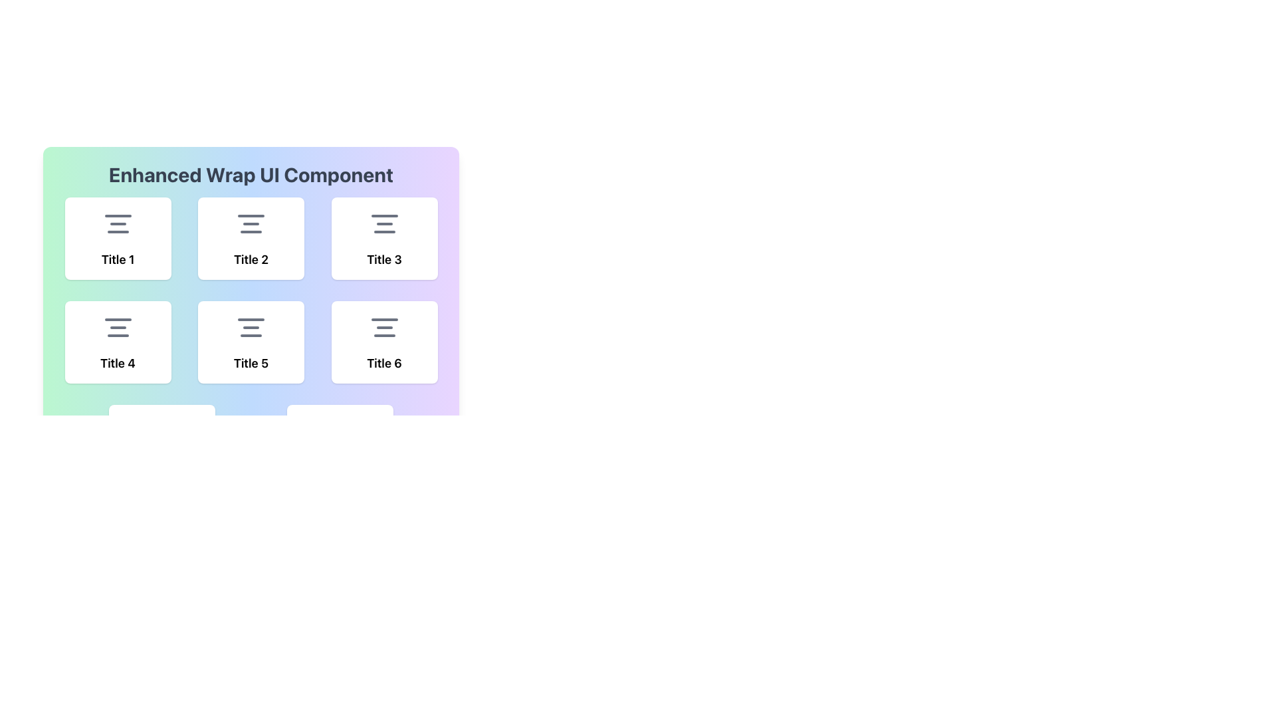 The image size is (1276, 718). What do you see at coordinates (383, 364) in the screenshot?
I see `text label 'Title 6', which is a bold, centered title located at the bottom-center of the last card in a 3x2 grid layout` at bounding box center [383, 364].